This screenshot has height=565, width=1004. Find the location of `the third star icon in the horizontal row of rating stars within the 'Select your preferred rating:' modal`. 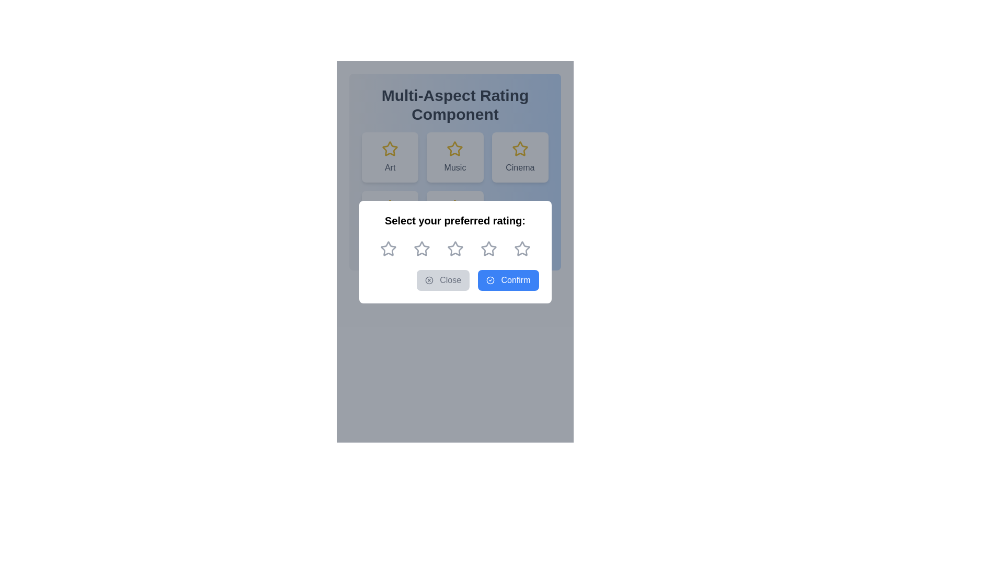

the third star icon in the horizontal row of rating stars within the 'Select your preferred rating:' modal is located at coordinates (455, 248).